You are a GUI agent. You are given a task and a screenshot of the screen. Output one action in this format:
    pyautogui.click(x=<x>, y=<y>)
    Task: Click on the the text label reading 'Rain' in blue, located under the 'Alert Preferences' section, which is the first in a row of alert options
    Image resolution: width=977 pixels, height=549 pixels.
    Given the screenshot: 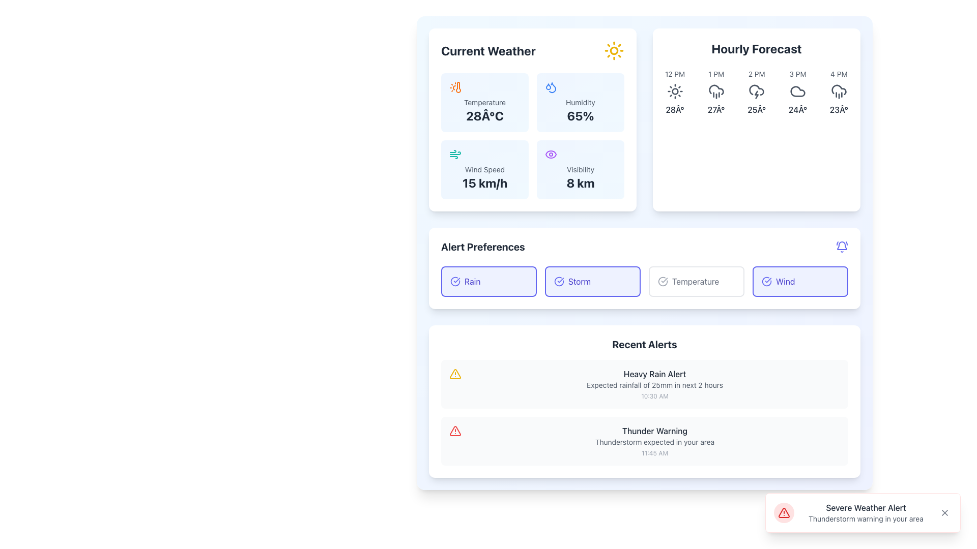 What is the action you would take?
    pyautogui.click(x=472, y=282)
    